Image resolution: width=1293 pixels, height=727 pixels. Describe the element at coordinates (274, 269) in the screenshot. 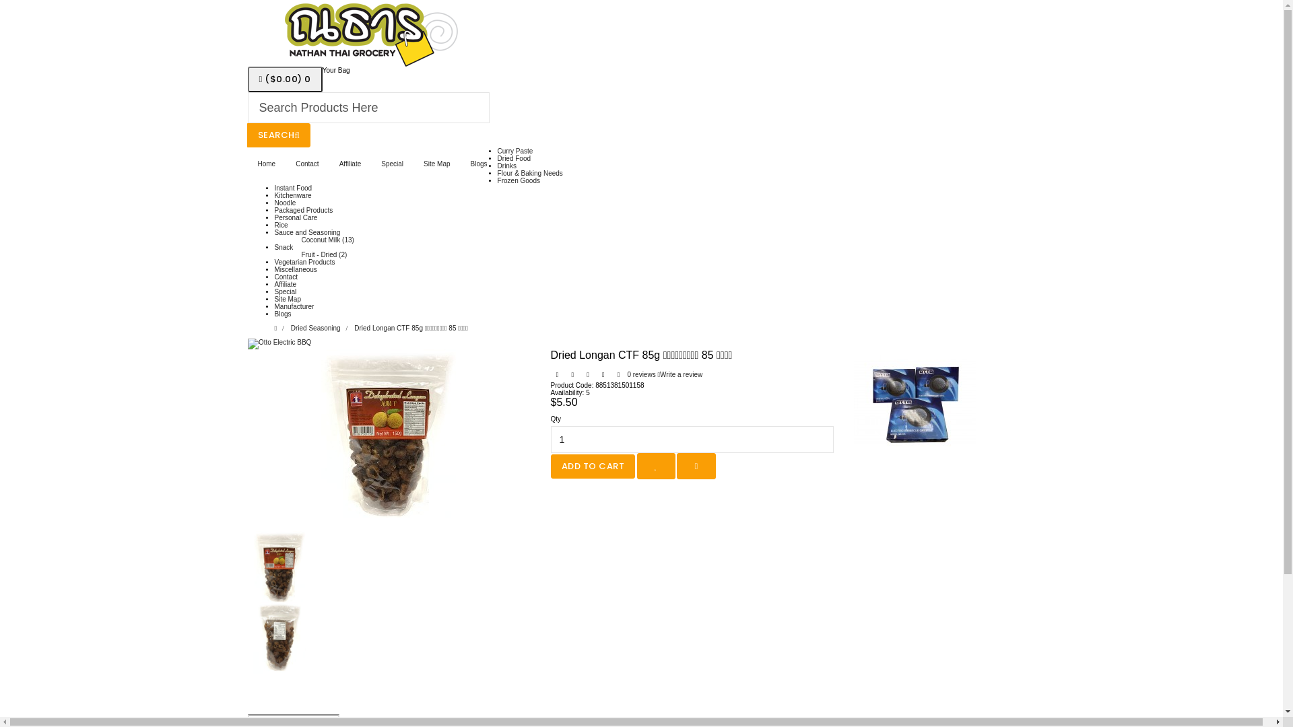

I see `'Miscellaneous'` at that location.